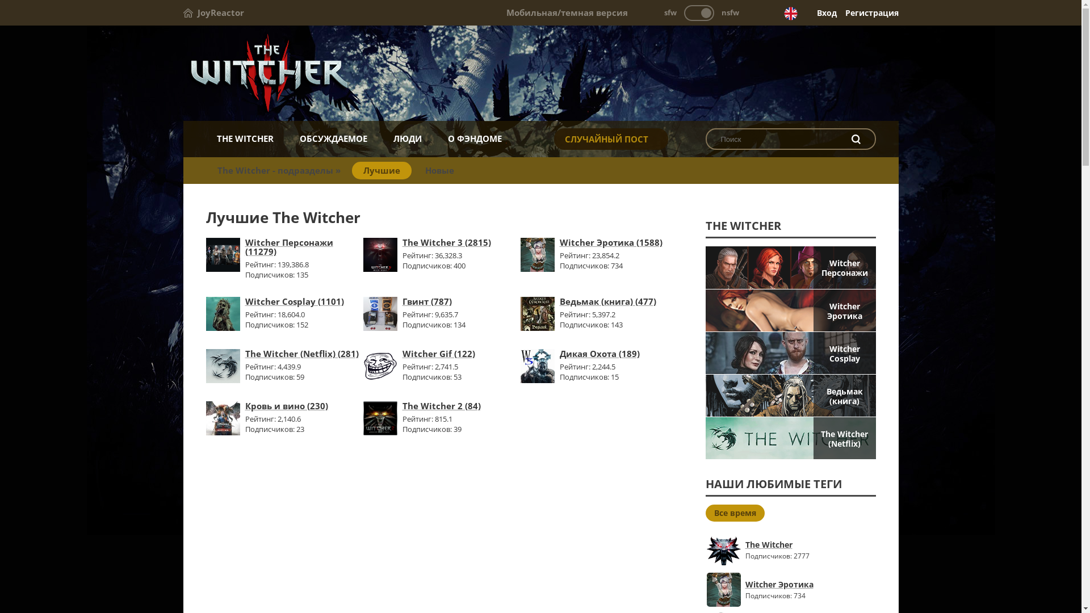 The height and width of the screenshot is (613, 1090). Describe the element at coordinates (213, 12) in the screenshot. I see `'JoyReactor'` at that location.